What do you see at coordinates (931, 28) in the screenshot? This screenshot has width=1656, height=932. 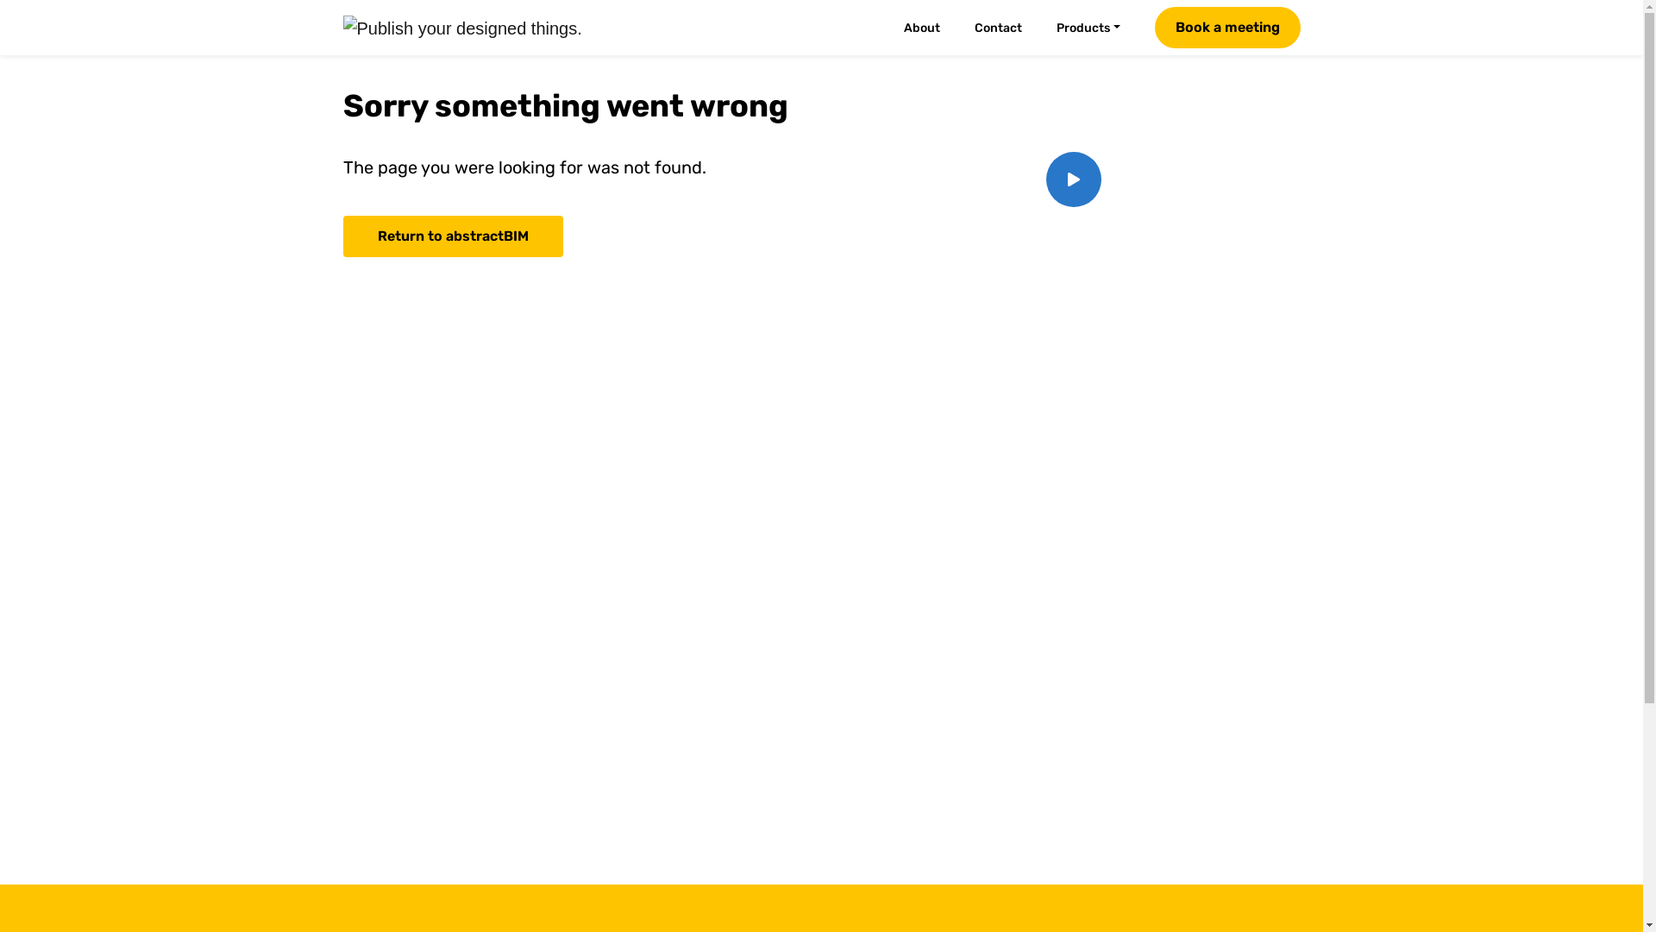 I see `'About'` at bounding box center [931, 28].